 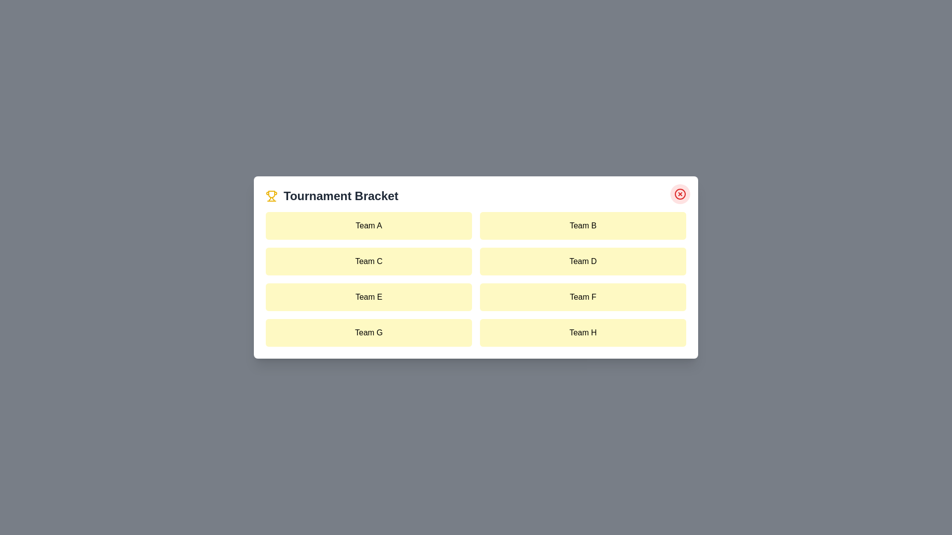 What do you see at coordinates (368, 297) in the screenshot?
I see `the team item labeled Team E` at bounding box center [368, 297].